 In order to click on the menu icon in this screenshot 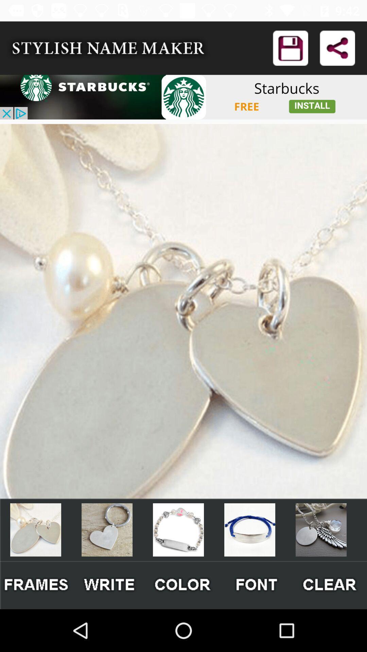, I will do `click(183, 585)`.